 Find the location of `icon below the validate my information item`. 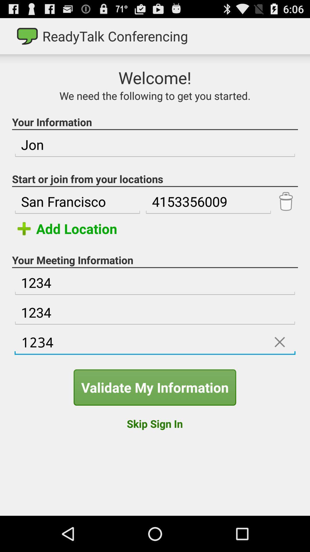

icon below the validate my information item is located at coordinates (154, 423).